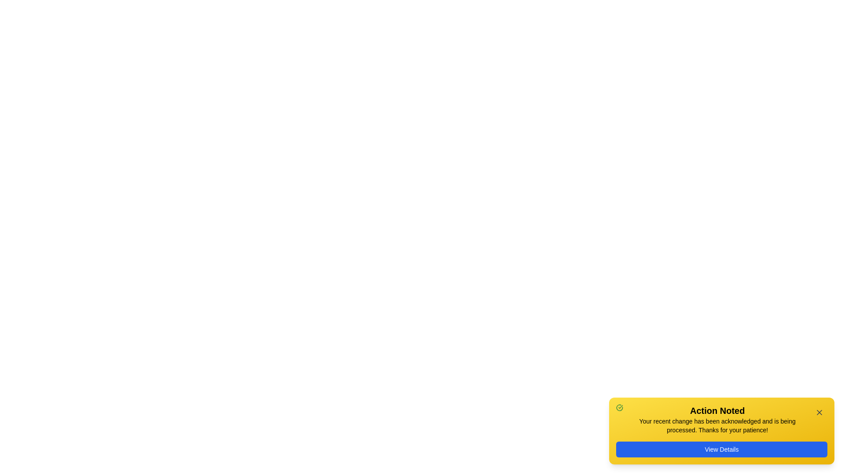 The height and width of the screenshot is (475, 845). What do you see at coordinates (722, 449) in the screenshot?
I see `the 'View Details' button to navigate to the detailed view` at bounding box center [722, 449].